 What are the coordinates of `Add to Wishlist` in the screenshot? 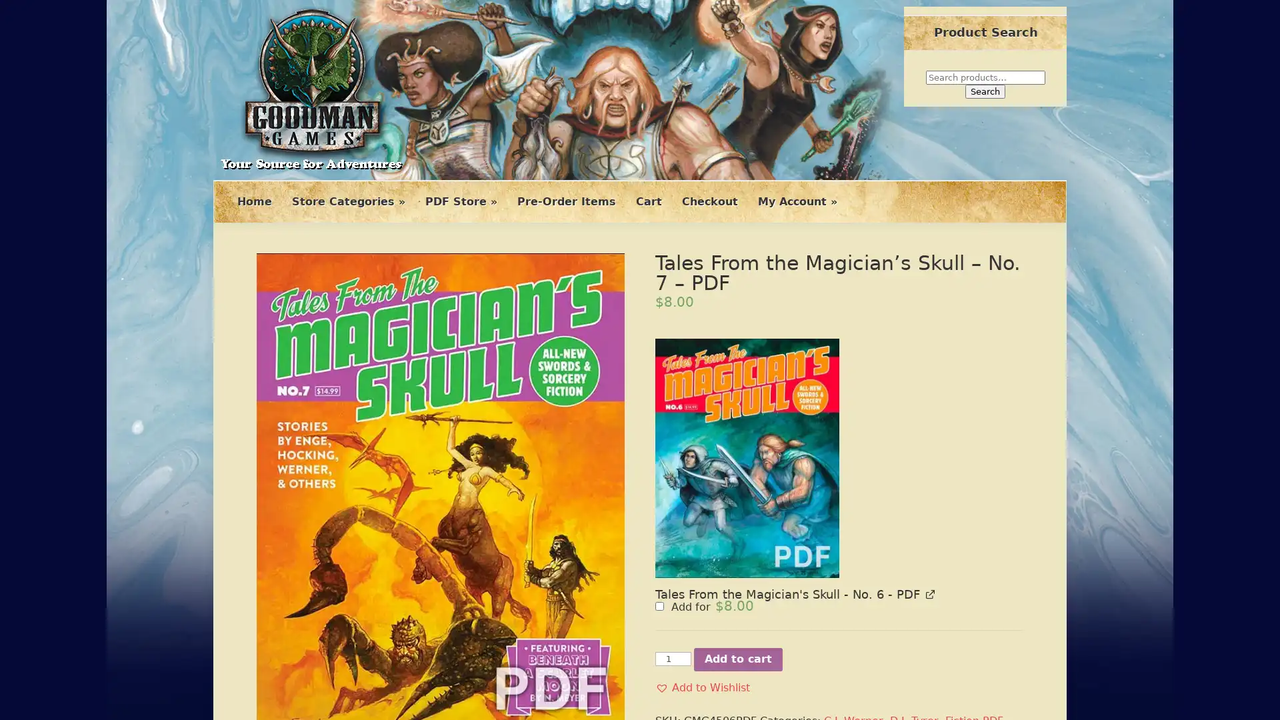 It's located at (702, 509).